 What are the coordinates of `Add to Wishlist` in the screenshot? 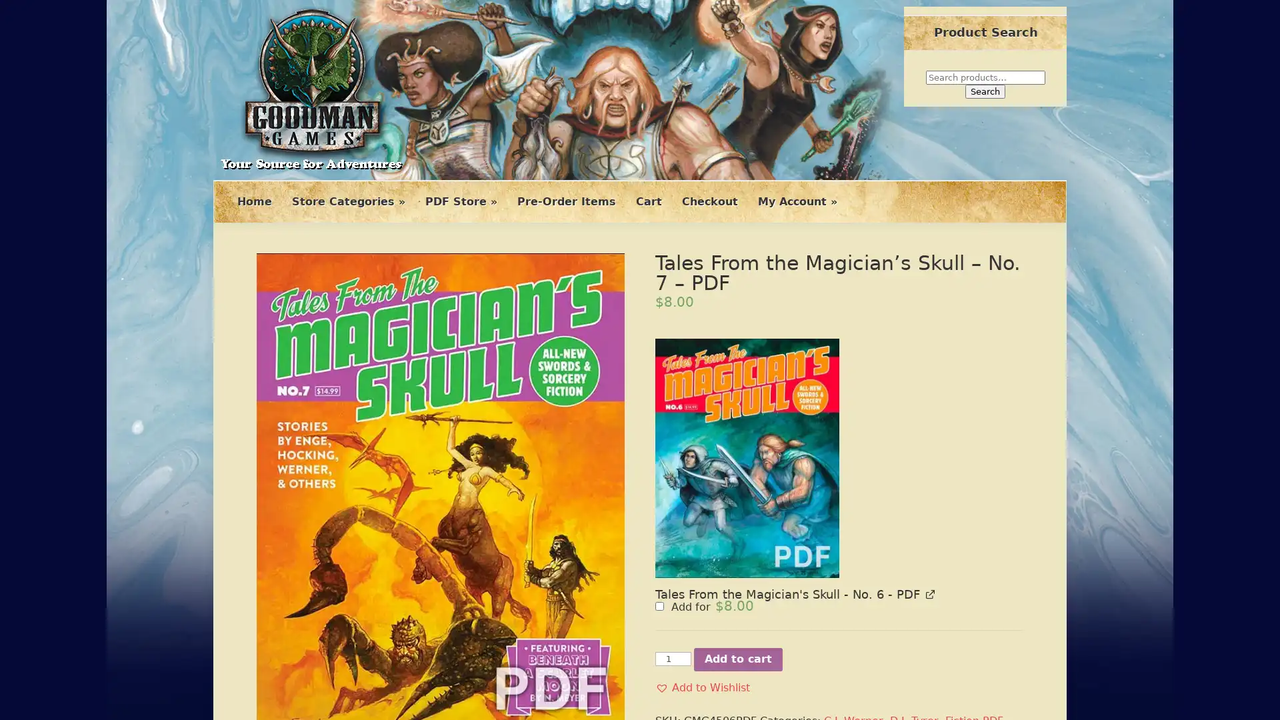 It's located at (702, 509).